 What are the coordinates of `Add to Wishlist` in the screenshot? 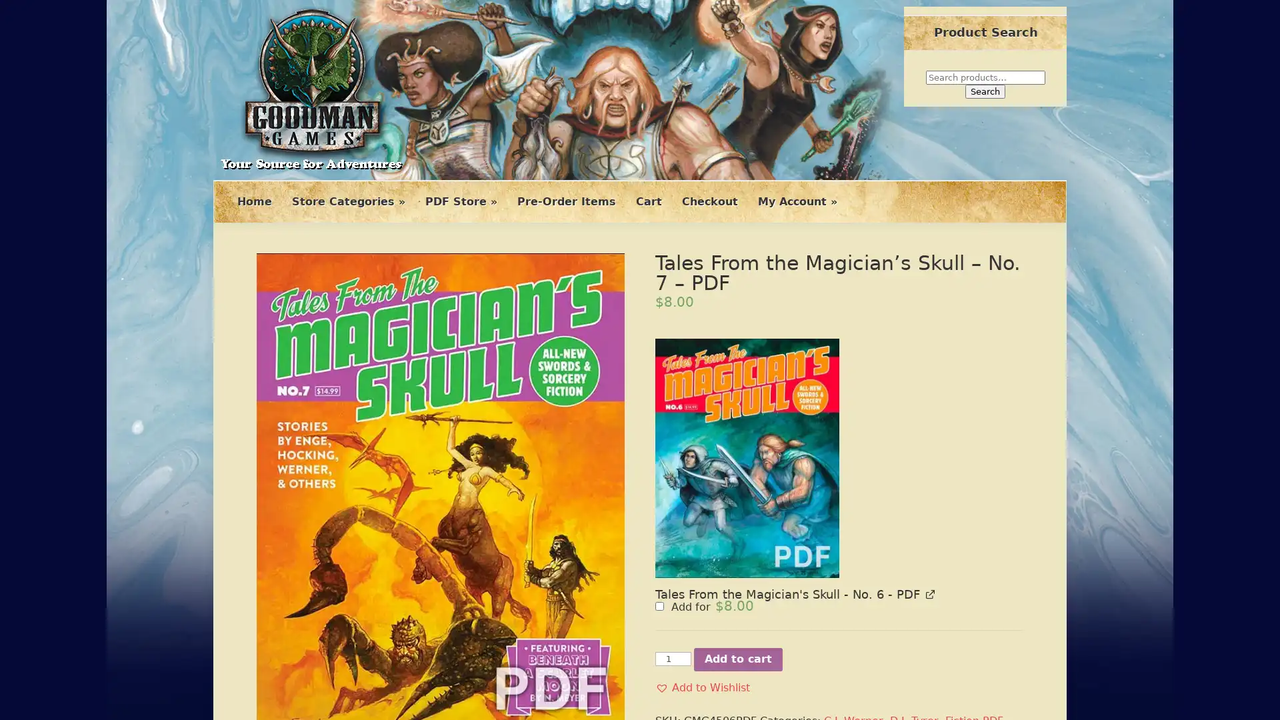 It's located at (702, 509).